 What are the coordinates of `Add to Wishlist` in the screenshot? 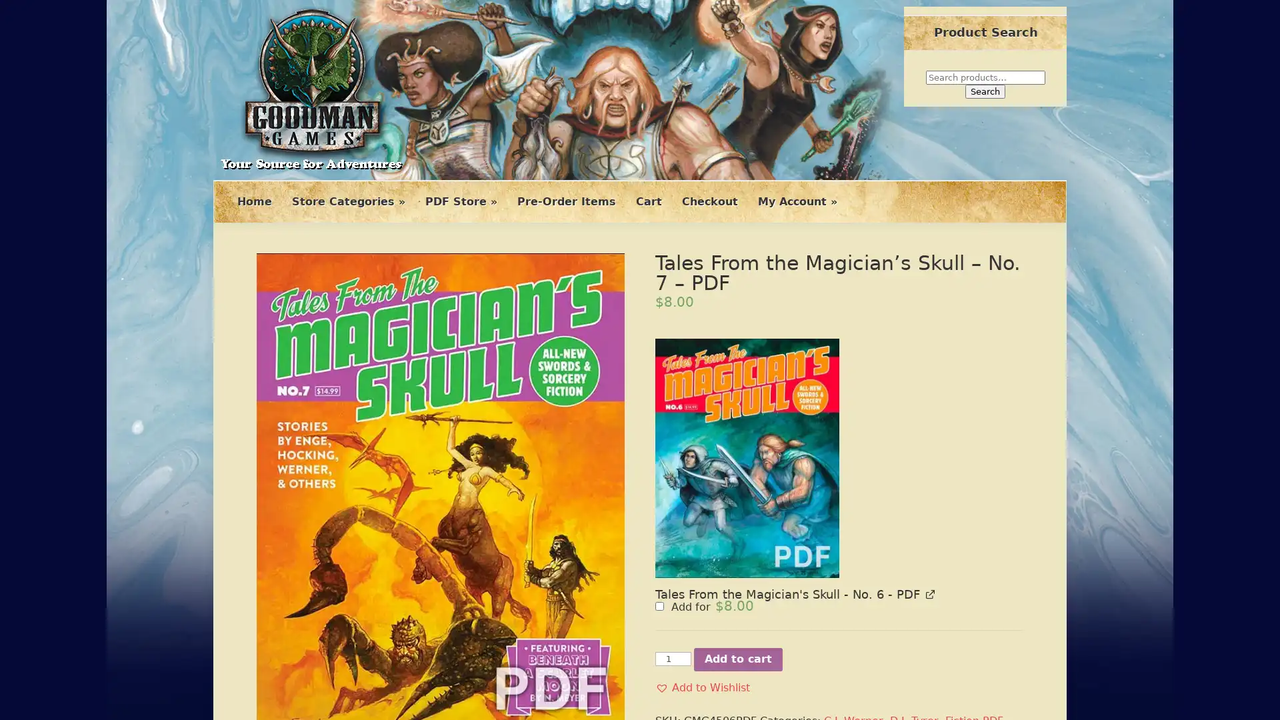 It's located at (702, 509).